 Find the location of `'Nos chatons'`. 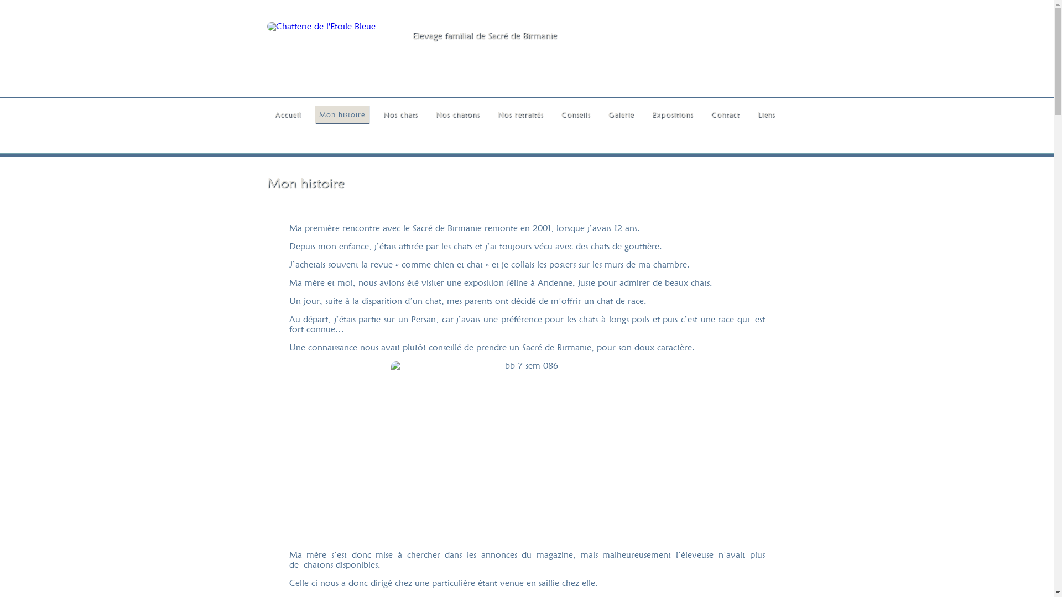

'Nos chatons' is located at coordinates (457, 114).